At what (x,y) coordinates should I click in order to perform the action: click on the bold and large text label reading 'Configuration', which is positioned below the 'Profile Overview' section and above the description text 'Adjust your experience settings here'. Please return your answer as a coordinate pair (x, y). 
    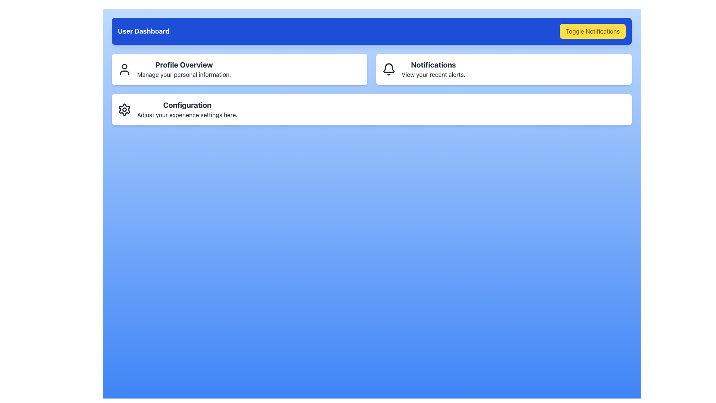
    Looking at the image, I should click on (187, 105).